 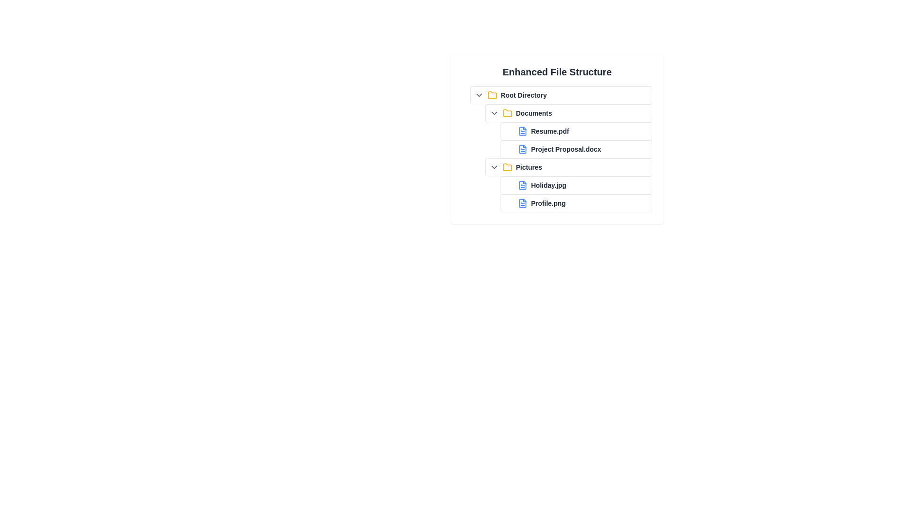 What do you see at coordinates (548, 202) in the screenshot?
I see `the text label indicating the file 'Profile.png', located to the right of the blue file icon in the 'Pictures' folder` at bounding box center [548, 202].